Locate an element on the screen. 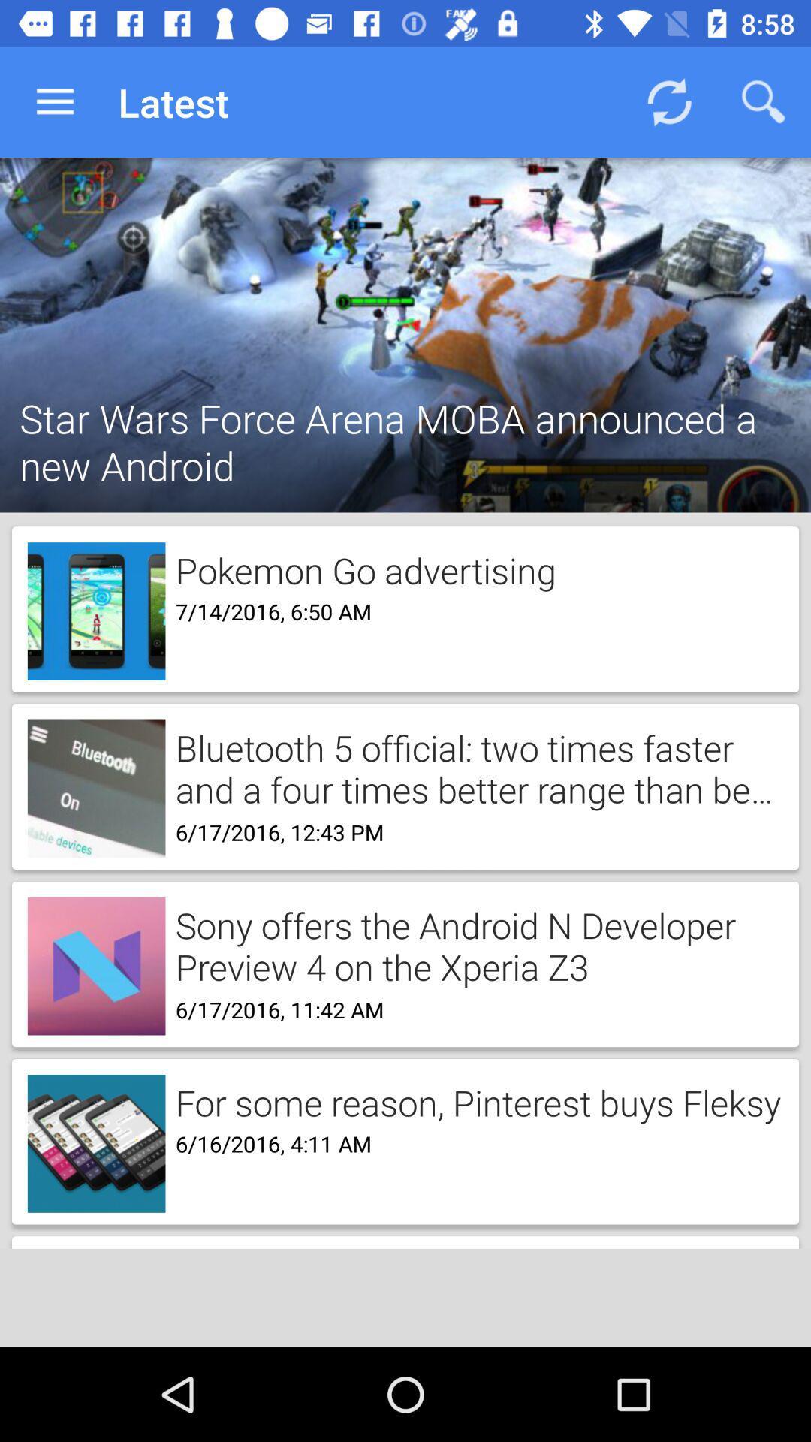 This screenshot has width=811, height=1442. the icon to the left of the latest item is located at coordinates (54, 101).